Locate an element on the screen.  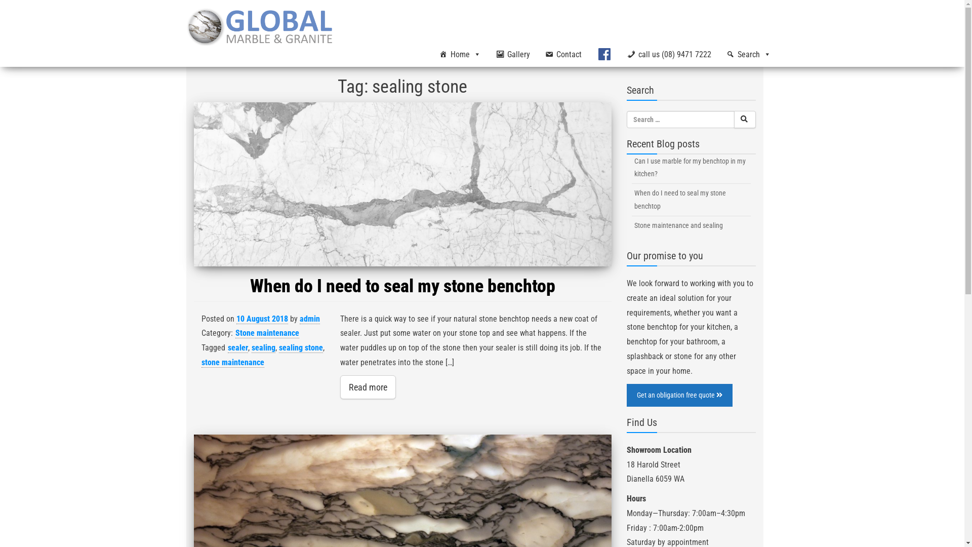
'Stone maintenance and sealing' is located at coordinates (691, 225).